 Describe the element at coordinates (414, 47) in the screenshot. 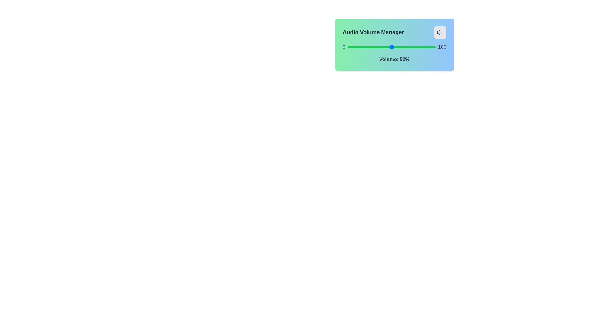

I see `the slider` at that location.